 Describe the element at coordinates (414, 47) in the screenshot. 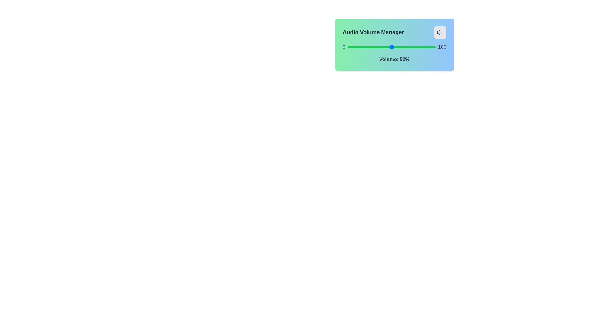

I see `the slider` at that location.